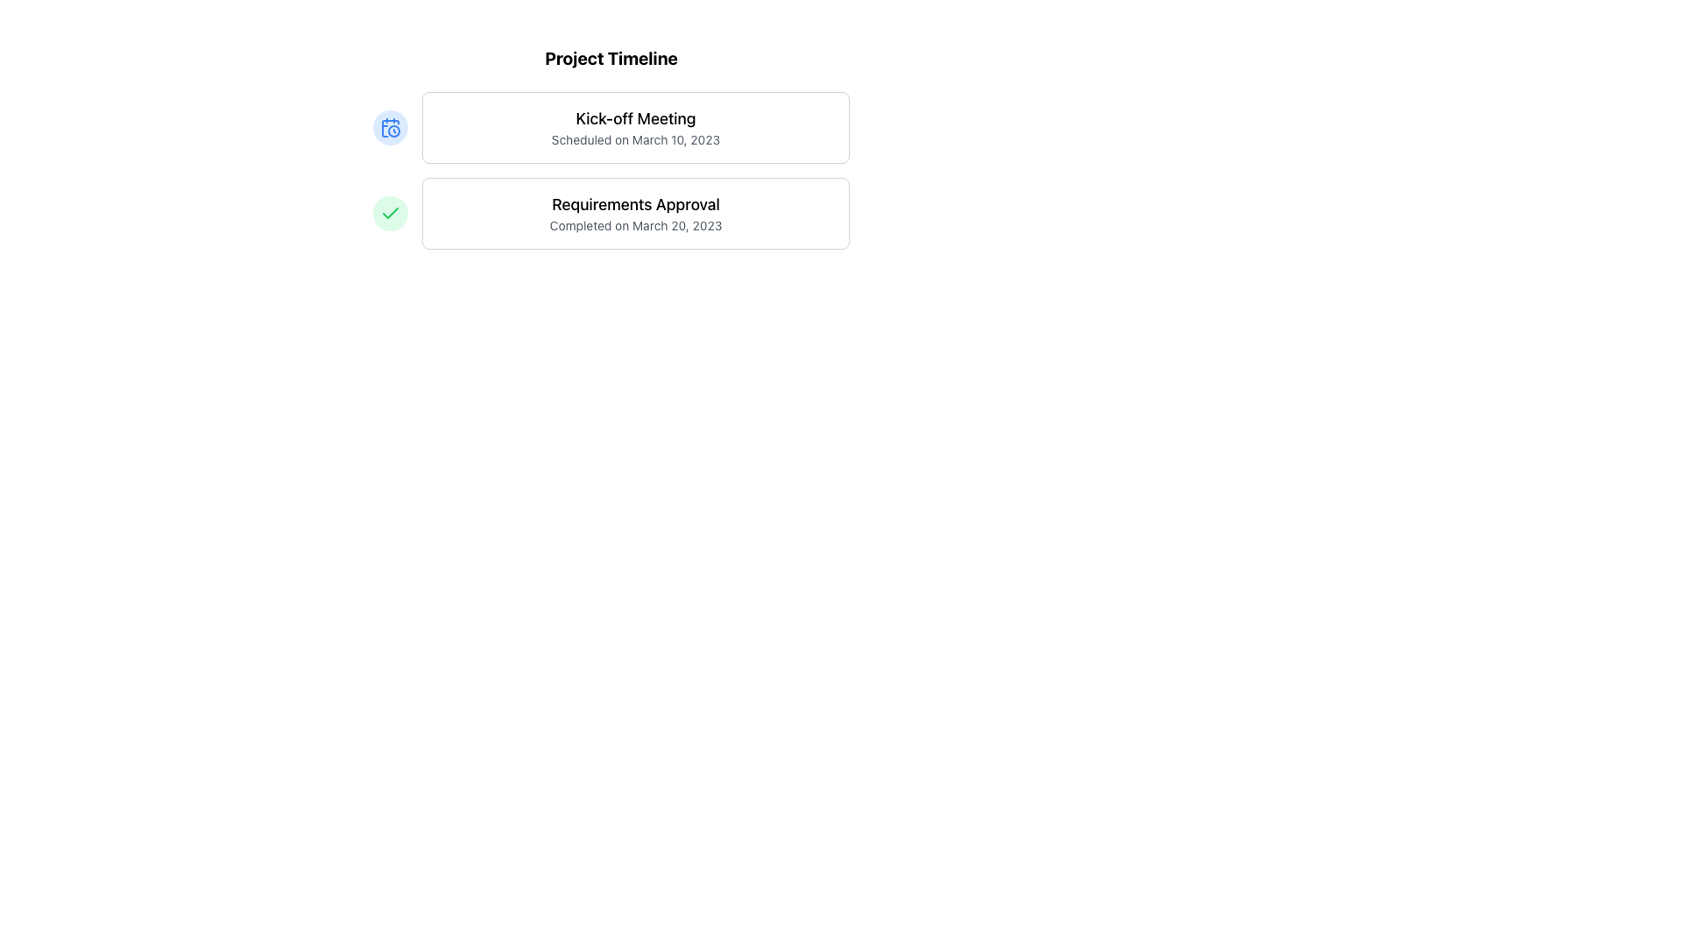 Image resolution: width=1682 pixels, height=946 pixels. I want to click on the green checkmark icon that indicates completion or validation, located to the left of the 'Requirements Approval' text in the timeline interface, so click(390, 212).